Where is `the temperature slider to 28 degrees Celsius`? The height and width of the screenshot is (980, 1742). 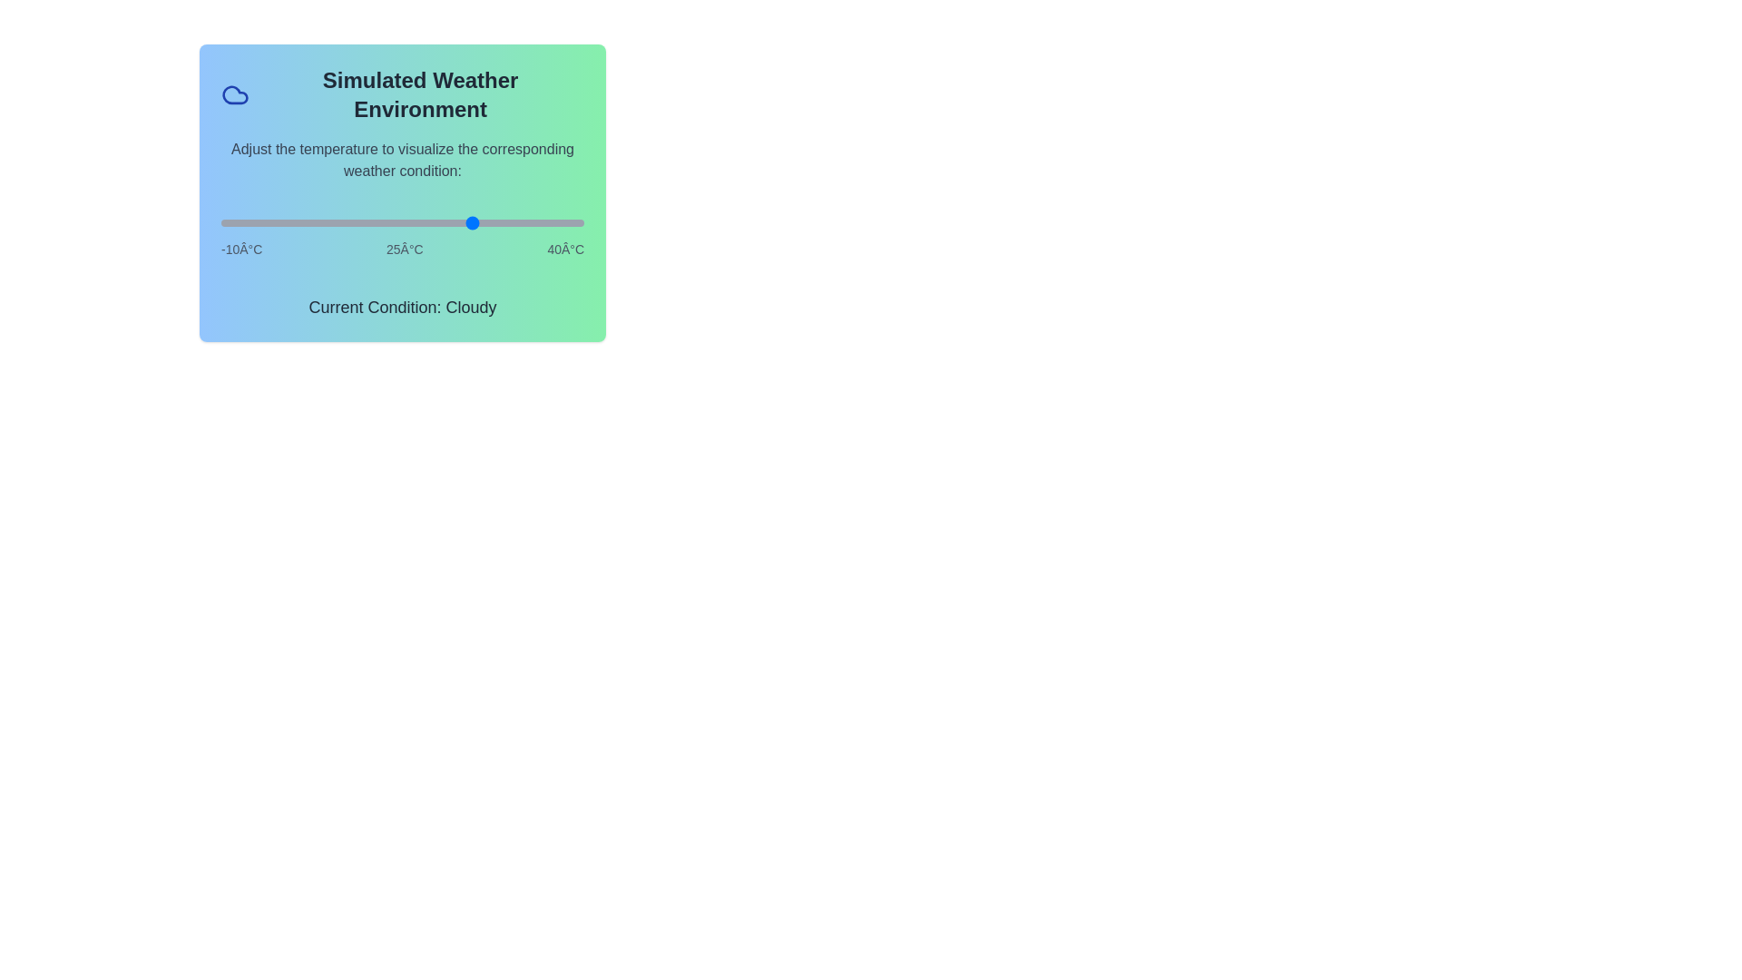
the temperature slider to 28 degrees Celsius is located at coordinates (496, 222).